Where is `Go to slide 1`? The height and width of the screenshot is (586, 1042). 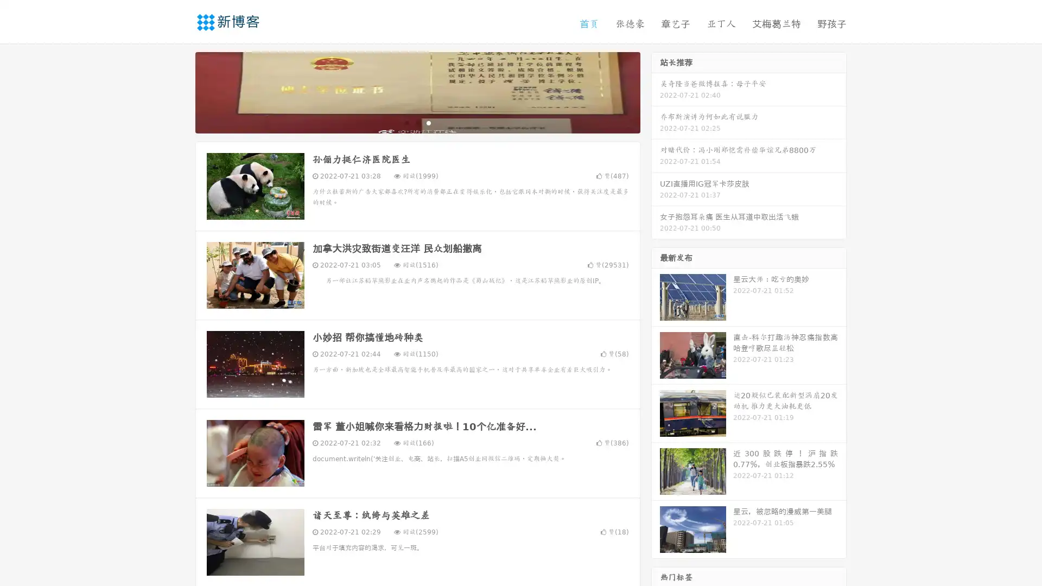 Go to slide 1 is located at coordinates (406, 122).